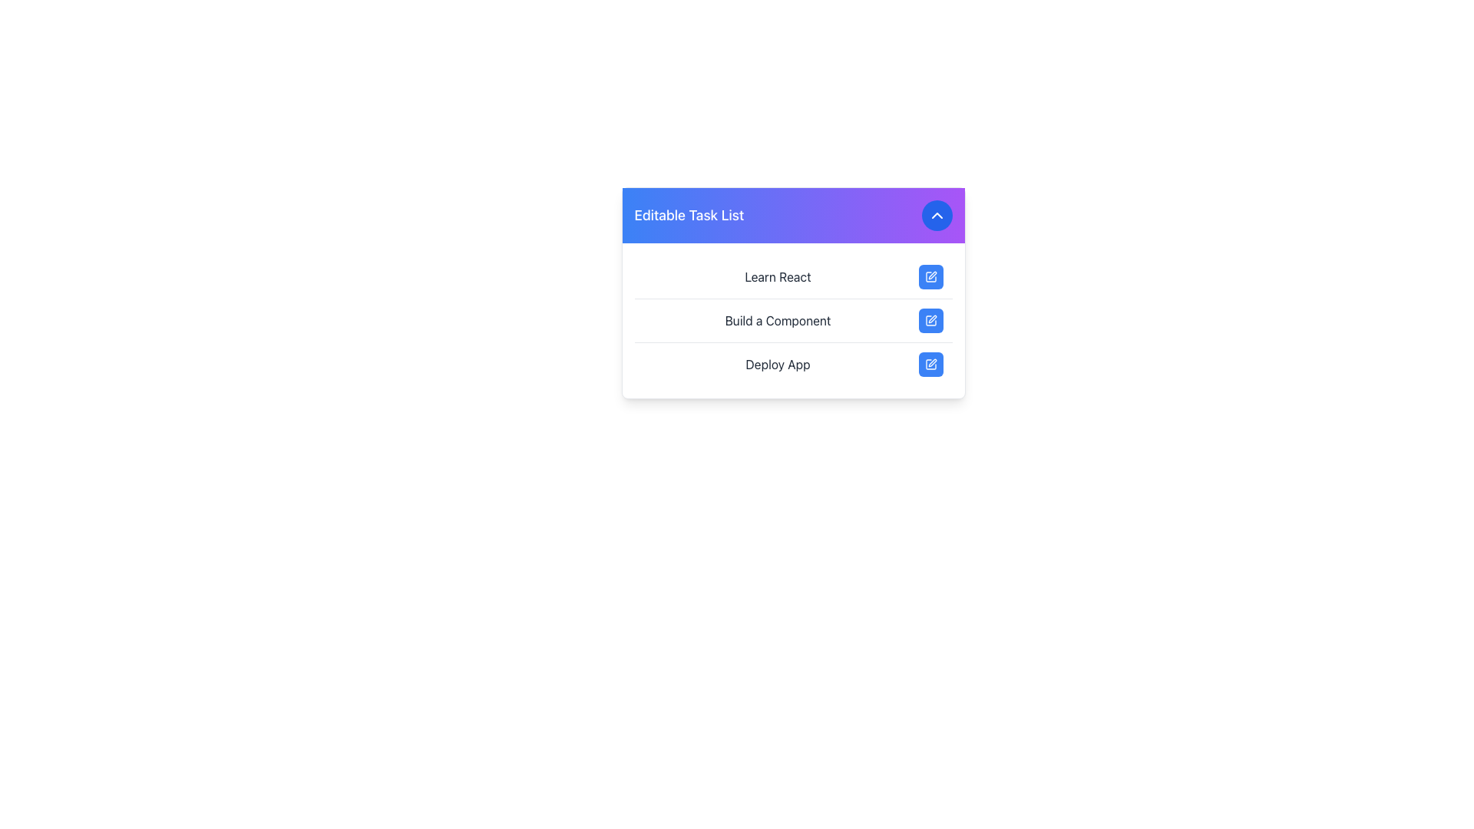  I want to click on the edit icon next to the 'Learn React' task to initiate edit mode, so click(931, 274).